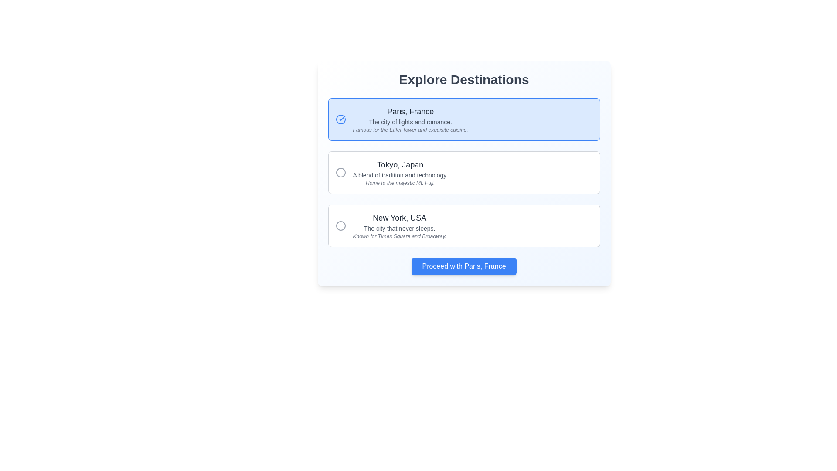 The image size is (837, 471). Describe the element at coordinates (400, 165) in the screenshot. I see `the text label displaying 'Tokyo, Japan', which is styled as a title in a large-sized font with medium weight and dark gray color, positioned above descriptive texts and below the section titled 'Paris, France'` at that location.